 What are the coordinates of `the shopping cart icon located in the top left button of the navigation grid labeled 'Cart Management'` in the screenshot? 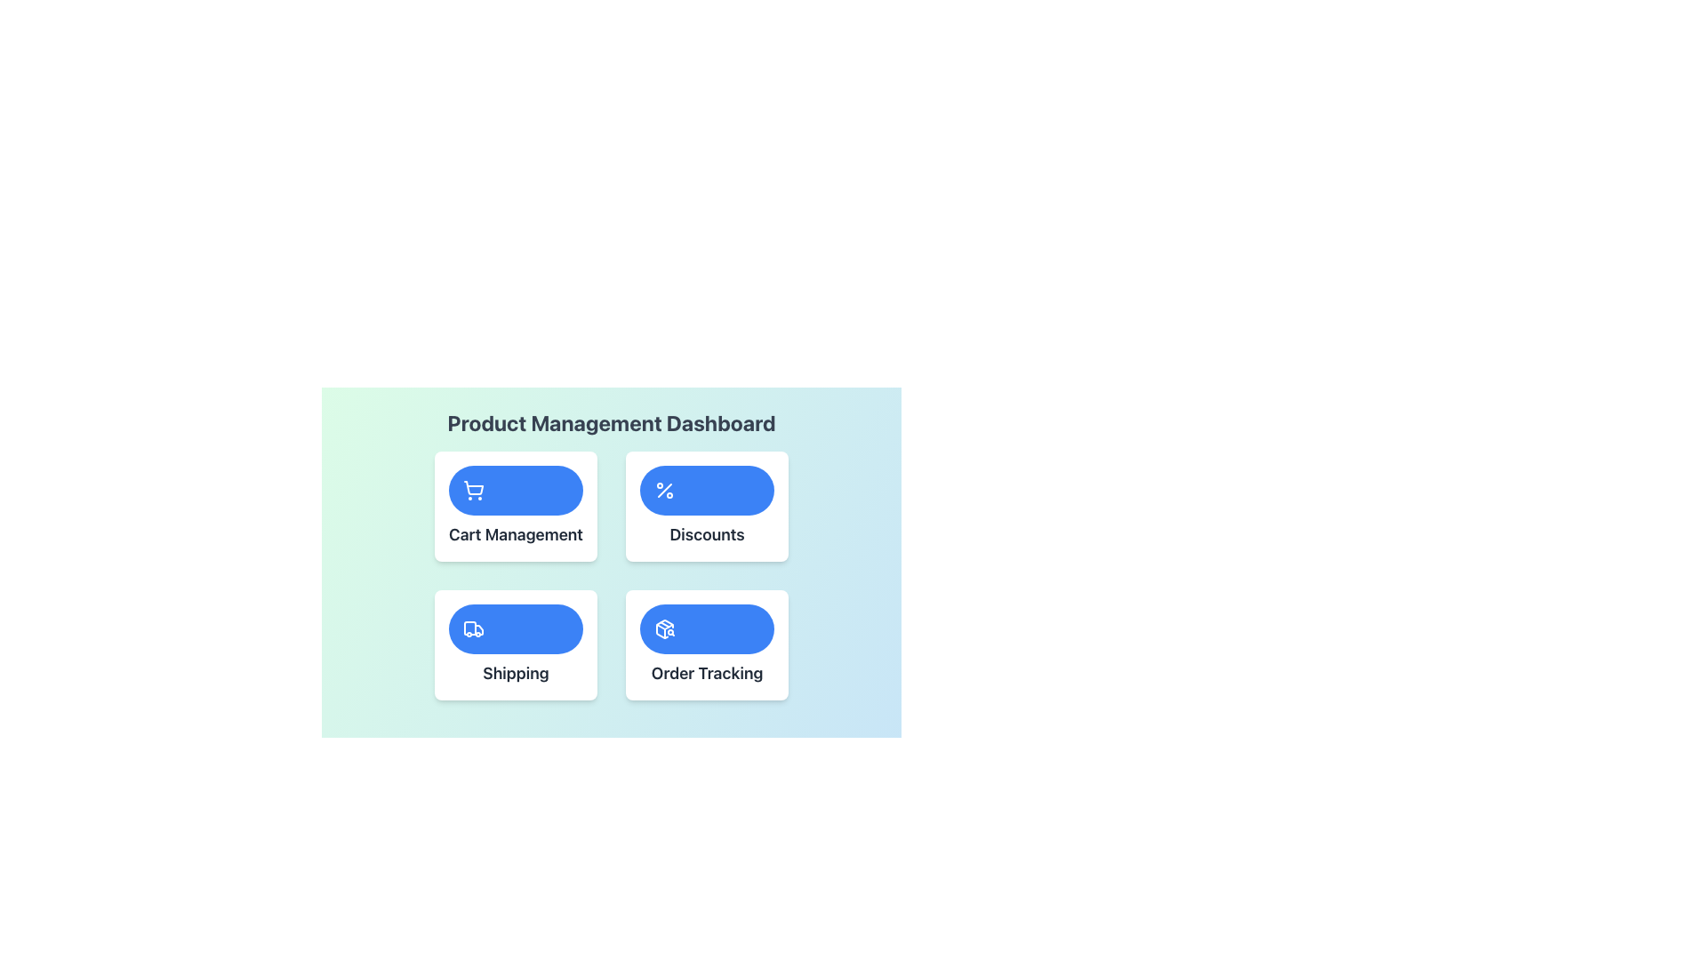 It's located at (473, 490).